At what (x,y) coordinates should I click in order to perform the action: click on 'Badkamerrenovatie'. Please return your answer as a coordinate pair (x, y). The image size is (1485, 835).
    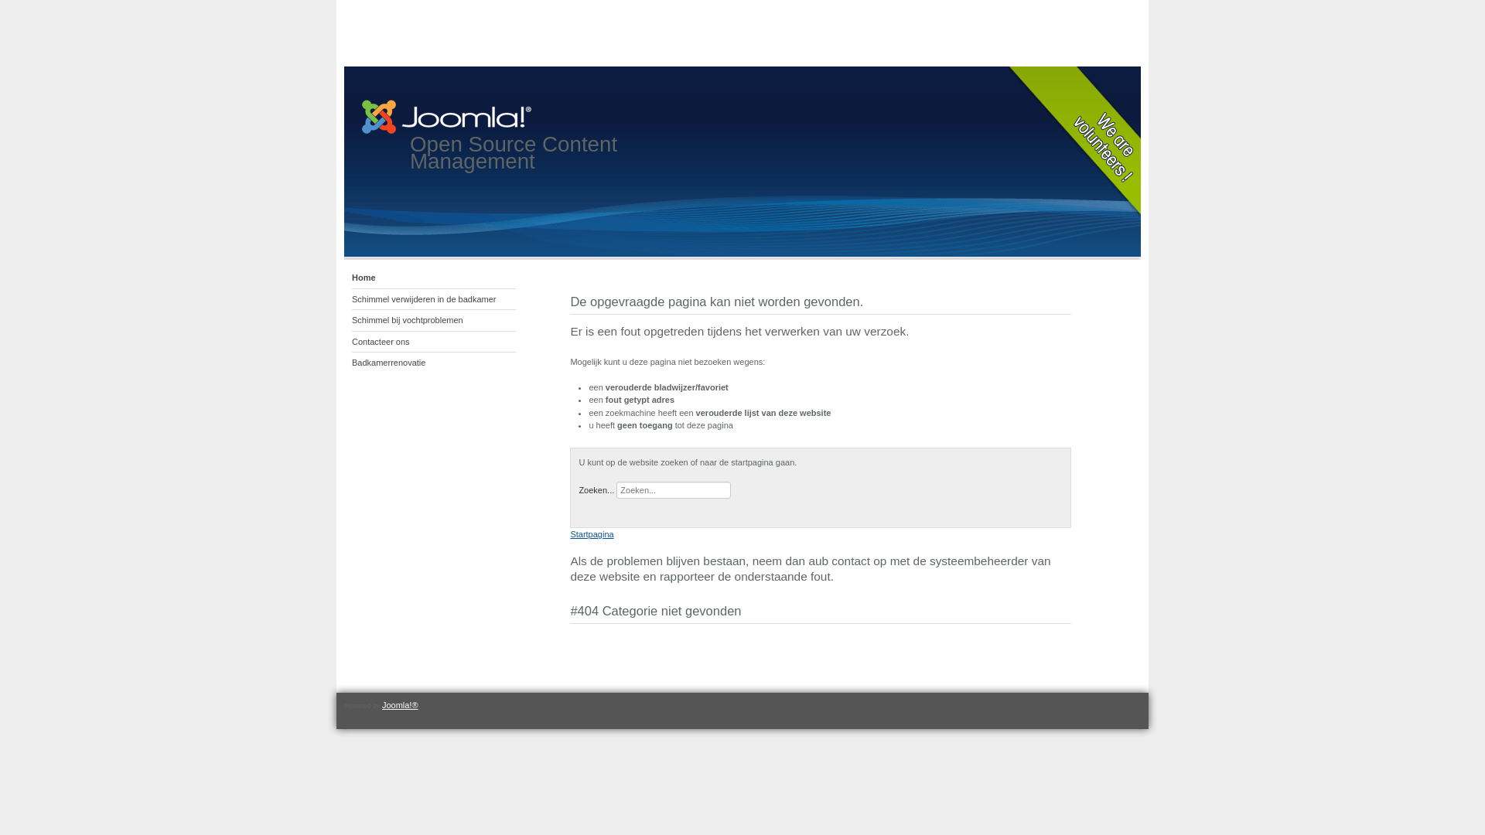
    Looking at the image, I should click on (433, 363).